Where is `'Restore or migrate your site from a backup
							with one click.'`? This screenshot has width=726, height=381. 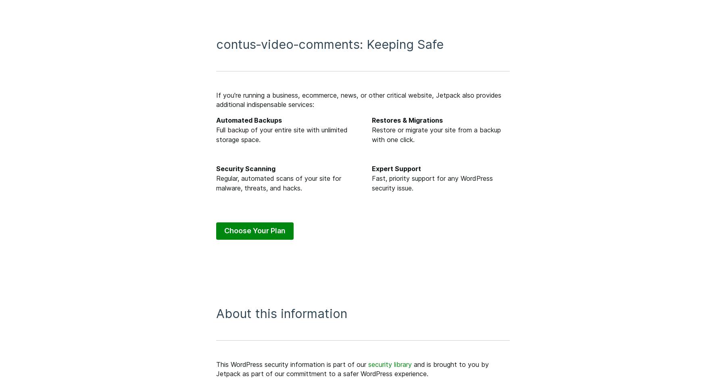
'Restore or migrate your site from a backup
							with one click.' is located at coordinates (436, 134).